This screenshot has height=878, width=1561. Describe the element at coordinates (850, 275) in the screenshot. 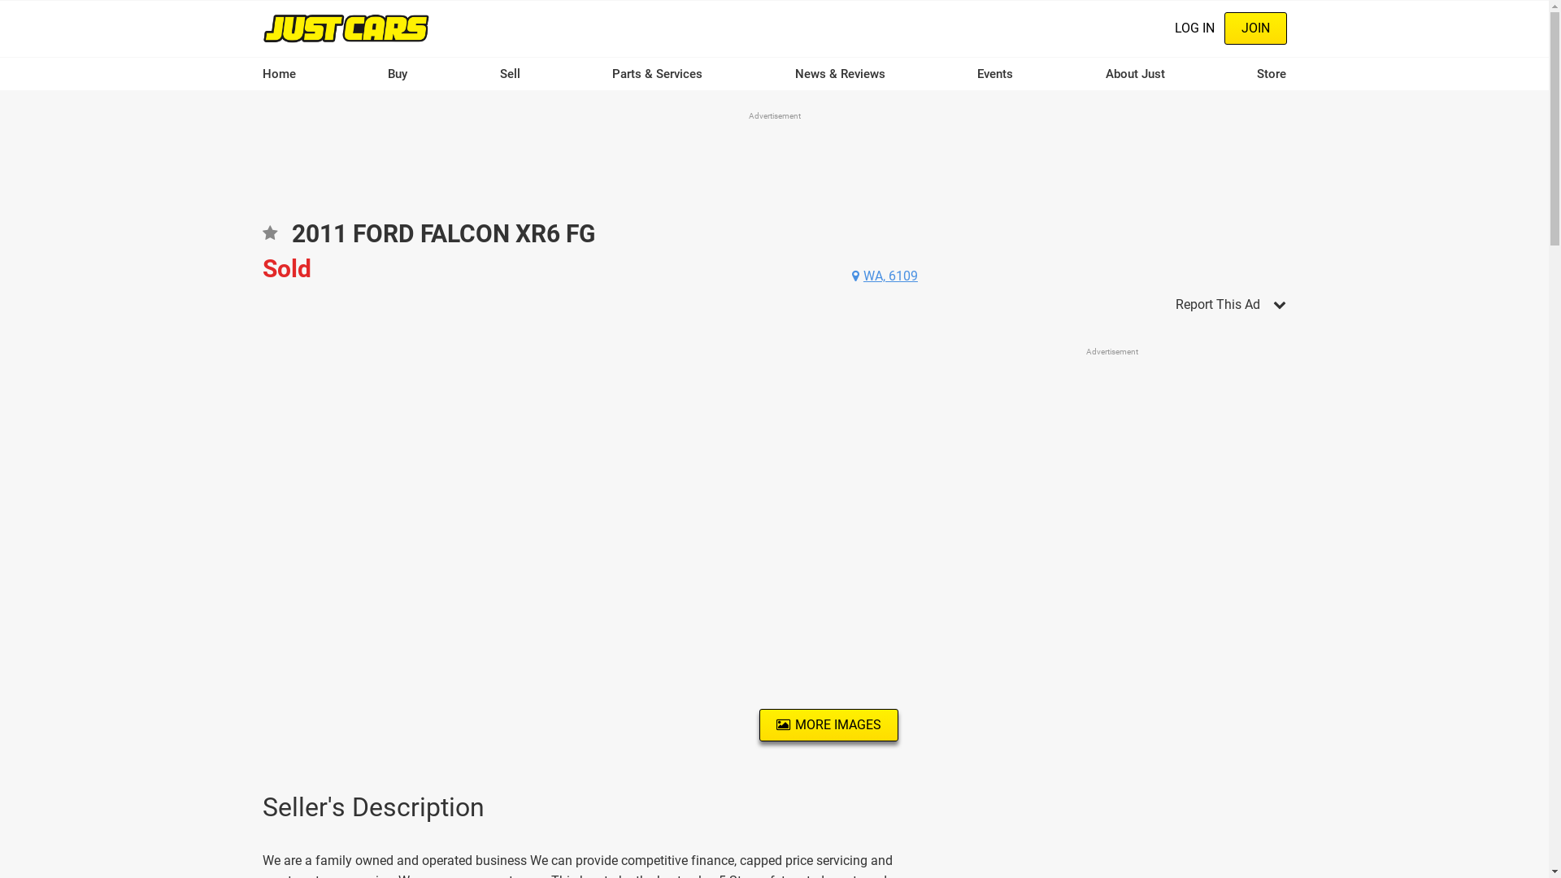

I see `'WA, 6109'` at that location.